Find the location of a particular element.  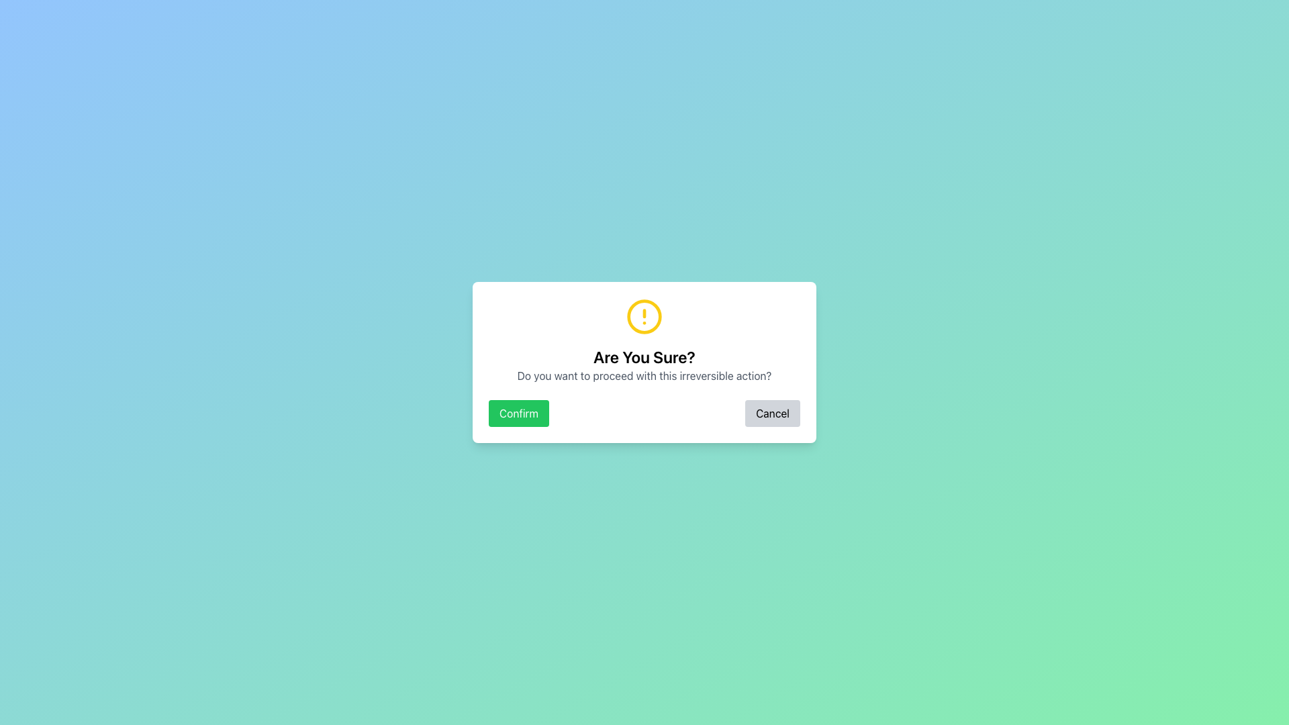

the circular alert icon with a yellow outline and an exclamation mark, positioned at the top of the modal dialog box above the text 'Are You Sure?' and 'Do you want to proceed with this irreversible action?' is located at coordinates (644, 316).